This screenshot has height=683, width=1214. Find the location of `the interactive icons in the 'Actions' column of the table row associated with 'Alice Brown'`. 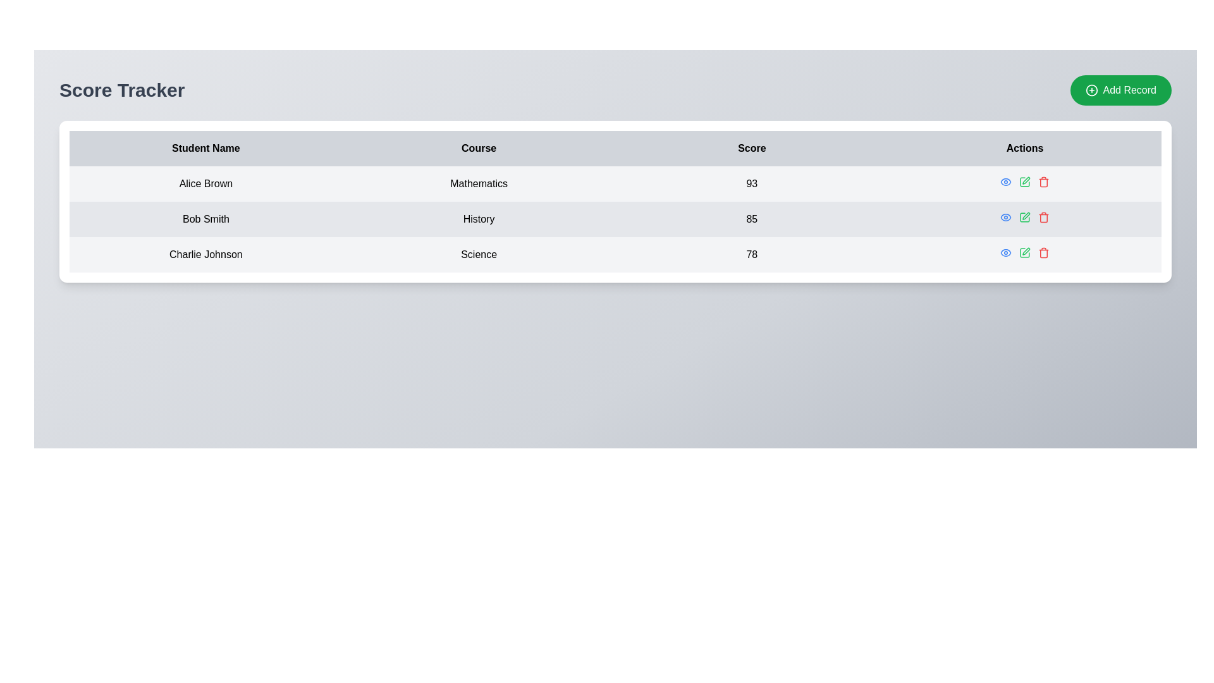

the interactive icons in the 'Actions' column of the table row associated with 'Alice Brown' is located at coordinates (1025, 182).